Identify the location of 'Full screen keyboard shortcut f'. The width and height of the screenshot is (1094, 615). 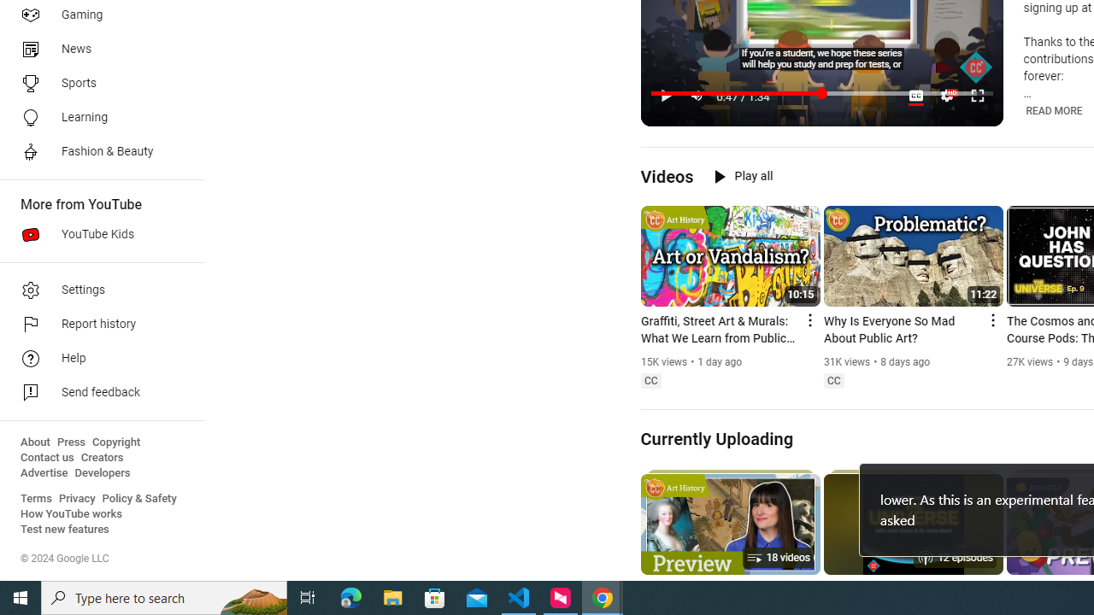
(977, 96).